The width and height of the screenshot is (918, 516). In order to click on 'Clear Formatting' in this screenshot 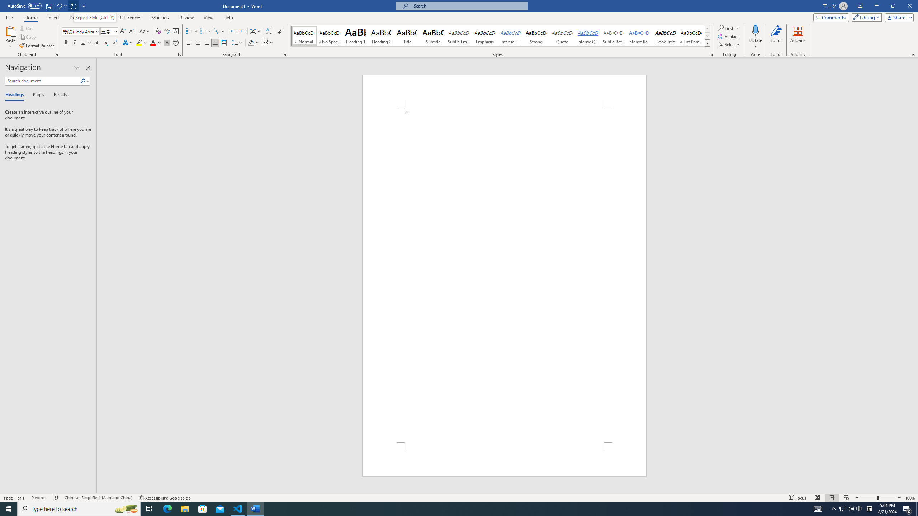, I will do `click(158, 31)`.